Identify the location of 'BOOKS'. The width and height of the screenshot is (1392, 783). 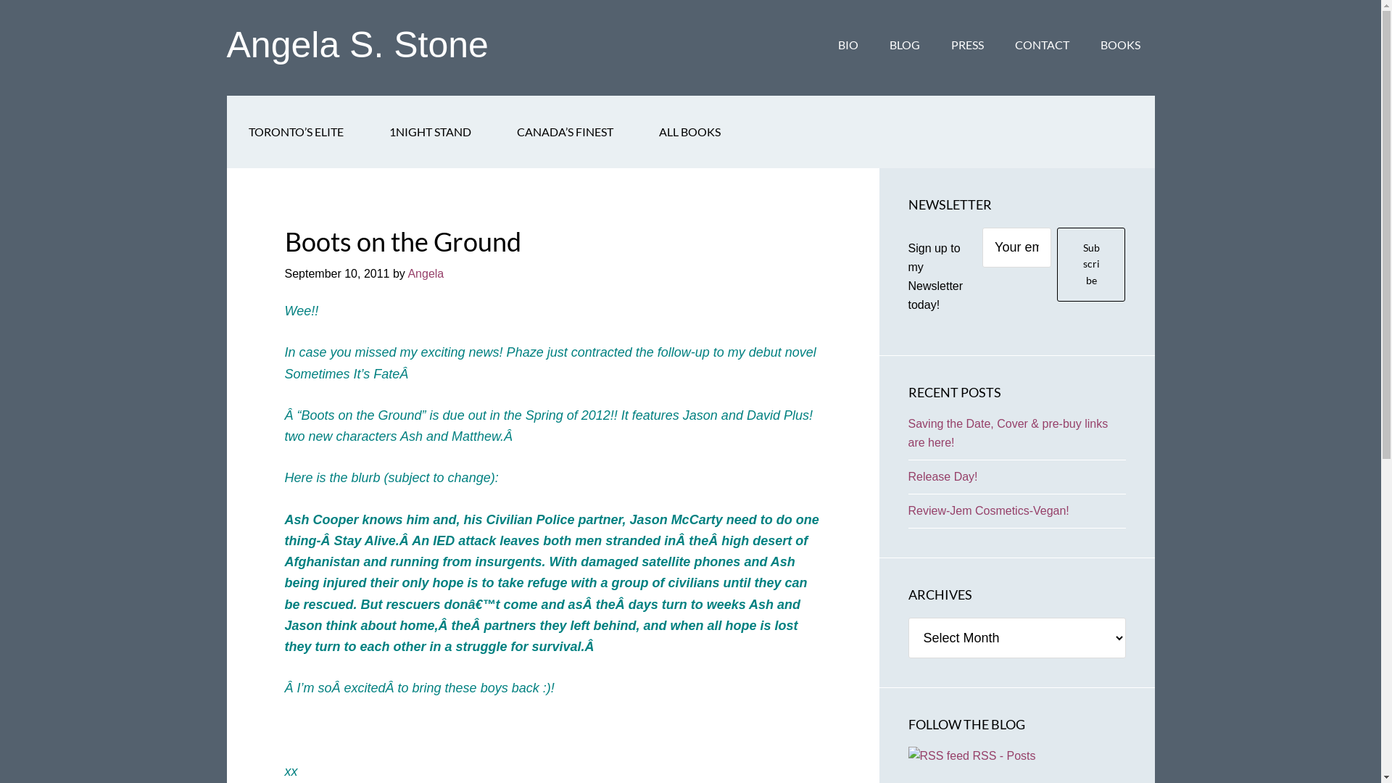
(1119, 43).